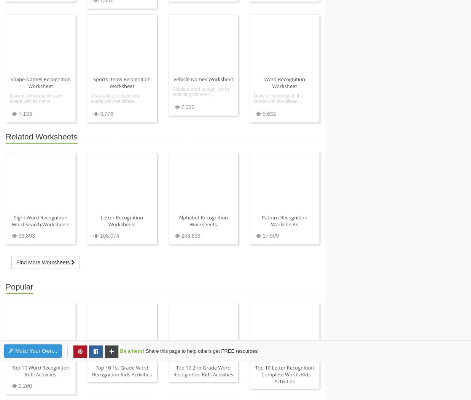 Image resolution: width=471 pixels, height=400 pixels. Describe the element at coordinates (186, 106) in the screenshot. I see `'7,392'` at that location.